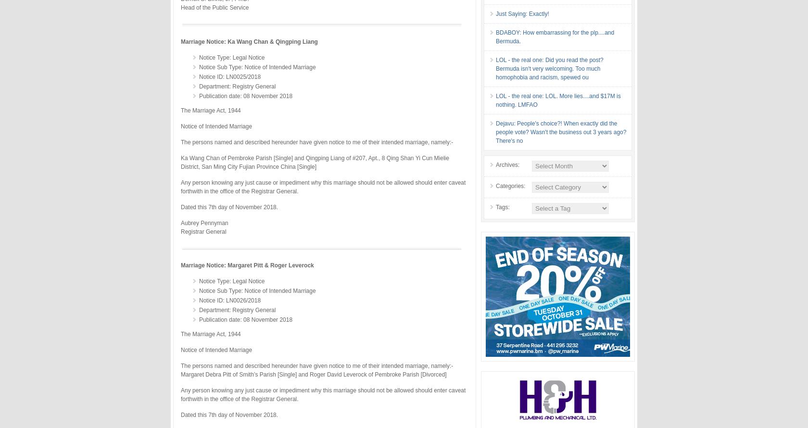 The width and height of the screenshot is (808, 428). What do you see at coordinates (180, 264) in the screenshot?
I see `'Marriage Notice: Margaret Pitt & Roger Leverock'` at bounding box center [180, 264].